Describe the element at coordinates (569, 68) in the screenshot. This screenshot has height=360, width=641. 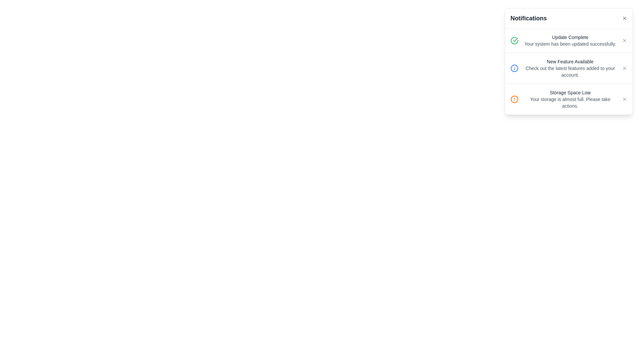
I see `the Notification Component that informs the user about new features added to their account, located in the middle of the notification panel, to read the notification` at that location.